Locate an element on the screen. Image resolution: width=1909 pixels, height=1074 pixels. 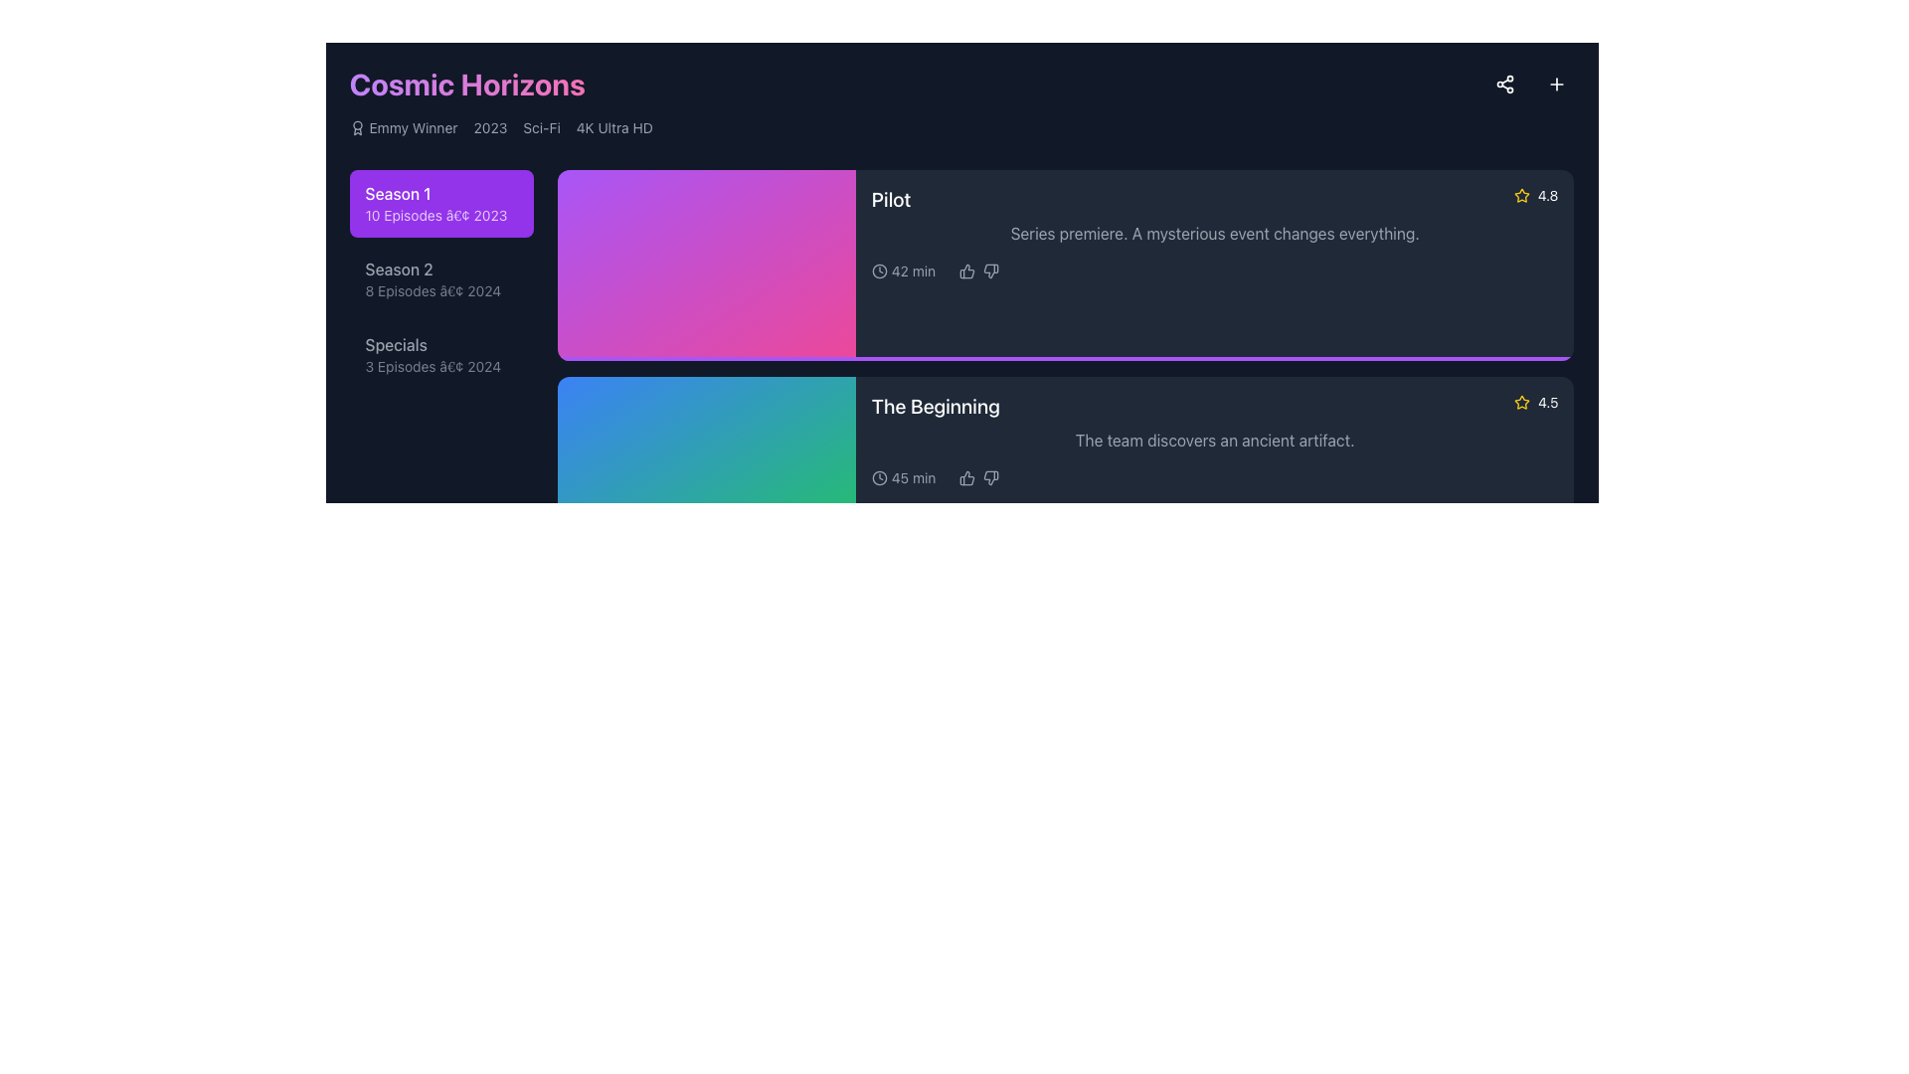
the thumbs-up icon in the interactive like/dislike icon group located at the lower-right of the card for the episode 'The Beginning' is located at coordinates (979, 478).